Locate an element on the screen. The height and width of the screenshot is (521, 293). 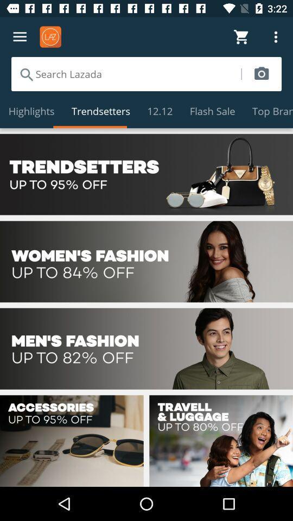
icon above the highlights is located at coordinates (125, 73).